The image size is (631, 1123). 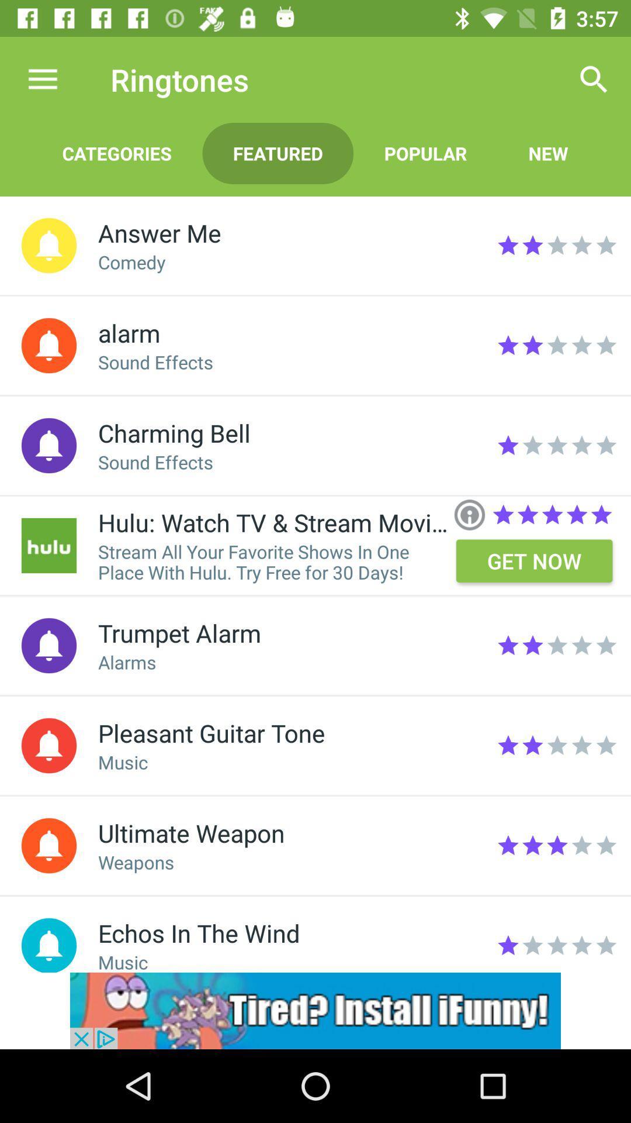 I want to click on visit ifunny advertisement, so click(x=315, y=1010).